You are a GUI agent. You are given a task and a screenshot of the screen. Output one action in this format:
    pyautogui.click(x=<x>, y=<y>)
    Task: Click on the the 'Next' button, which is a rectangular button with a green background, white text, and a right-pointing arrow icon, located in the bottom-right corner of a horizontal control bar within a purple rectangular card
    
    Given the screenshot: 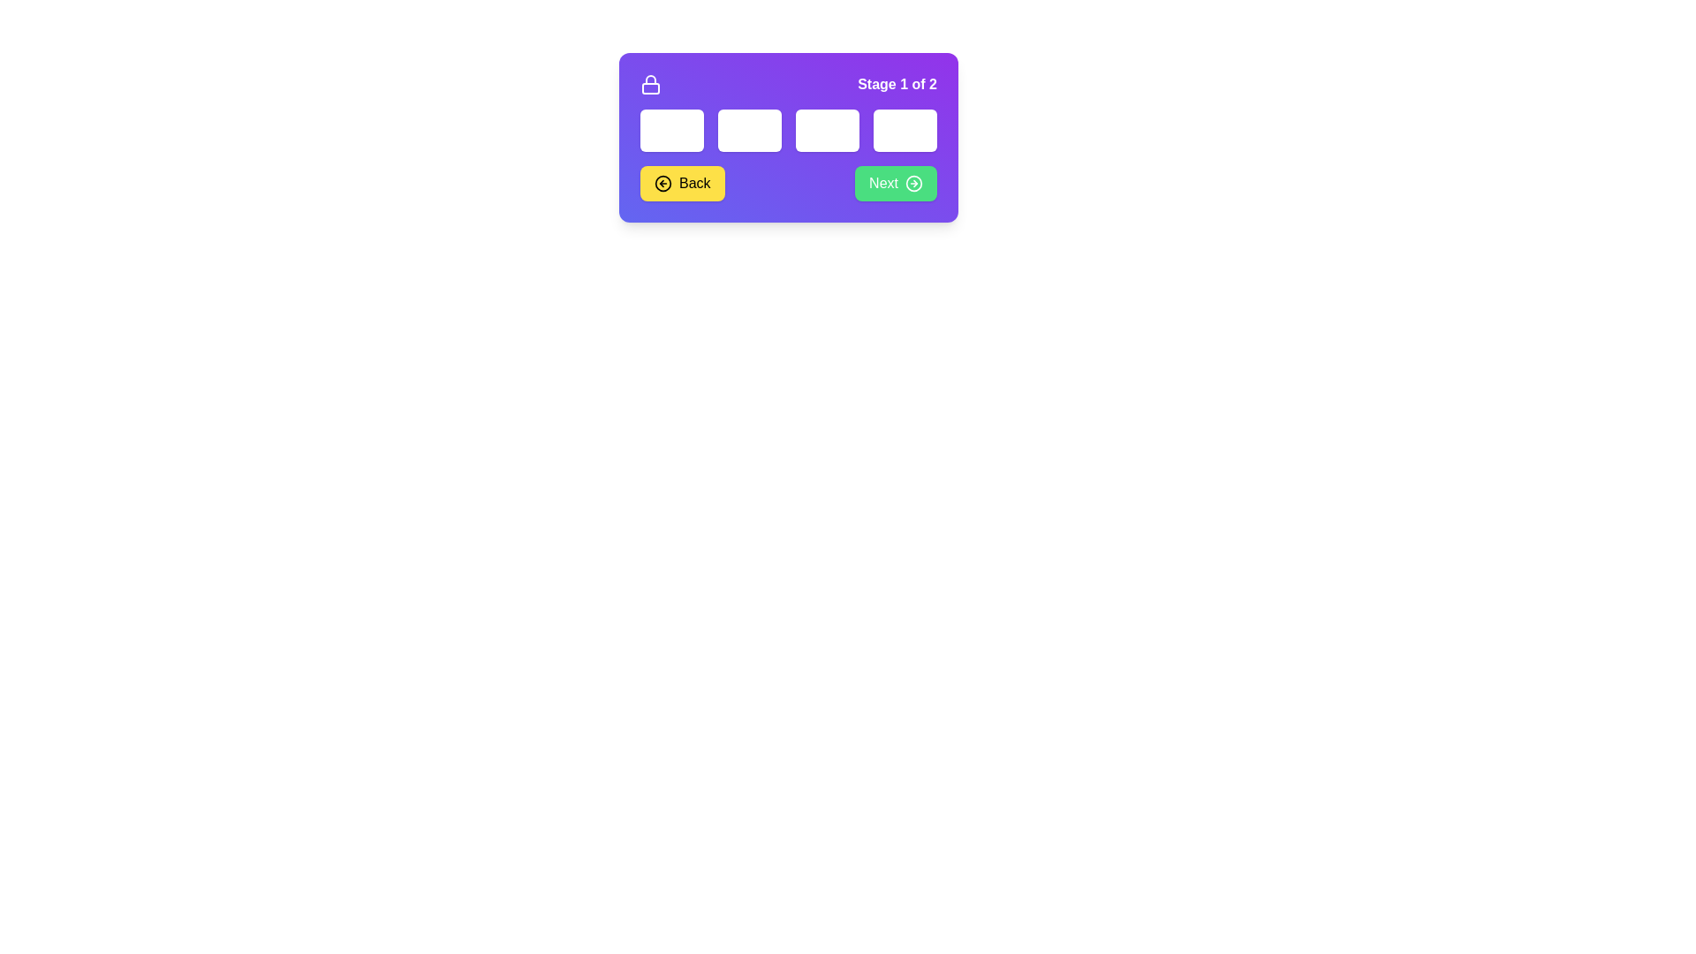 What is the action you would take?
    pyautogui.click(x=896, y=184)
    